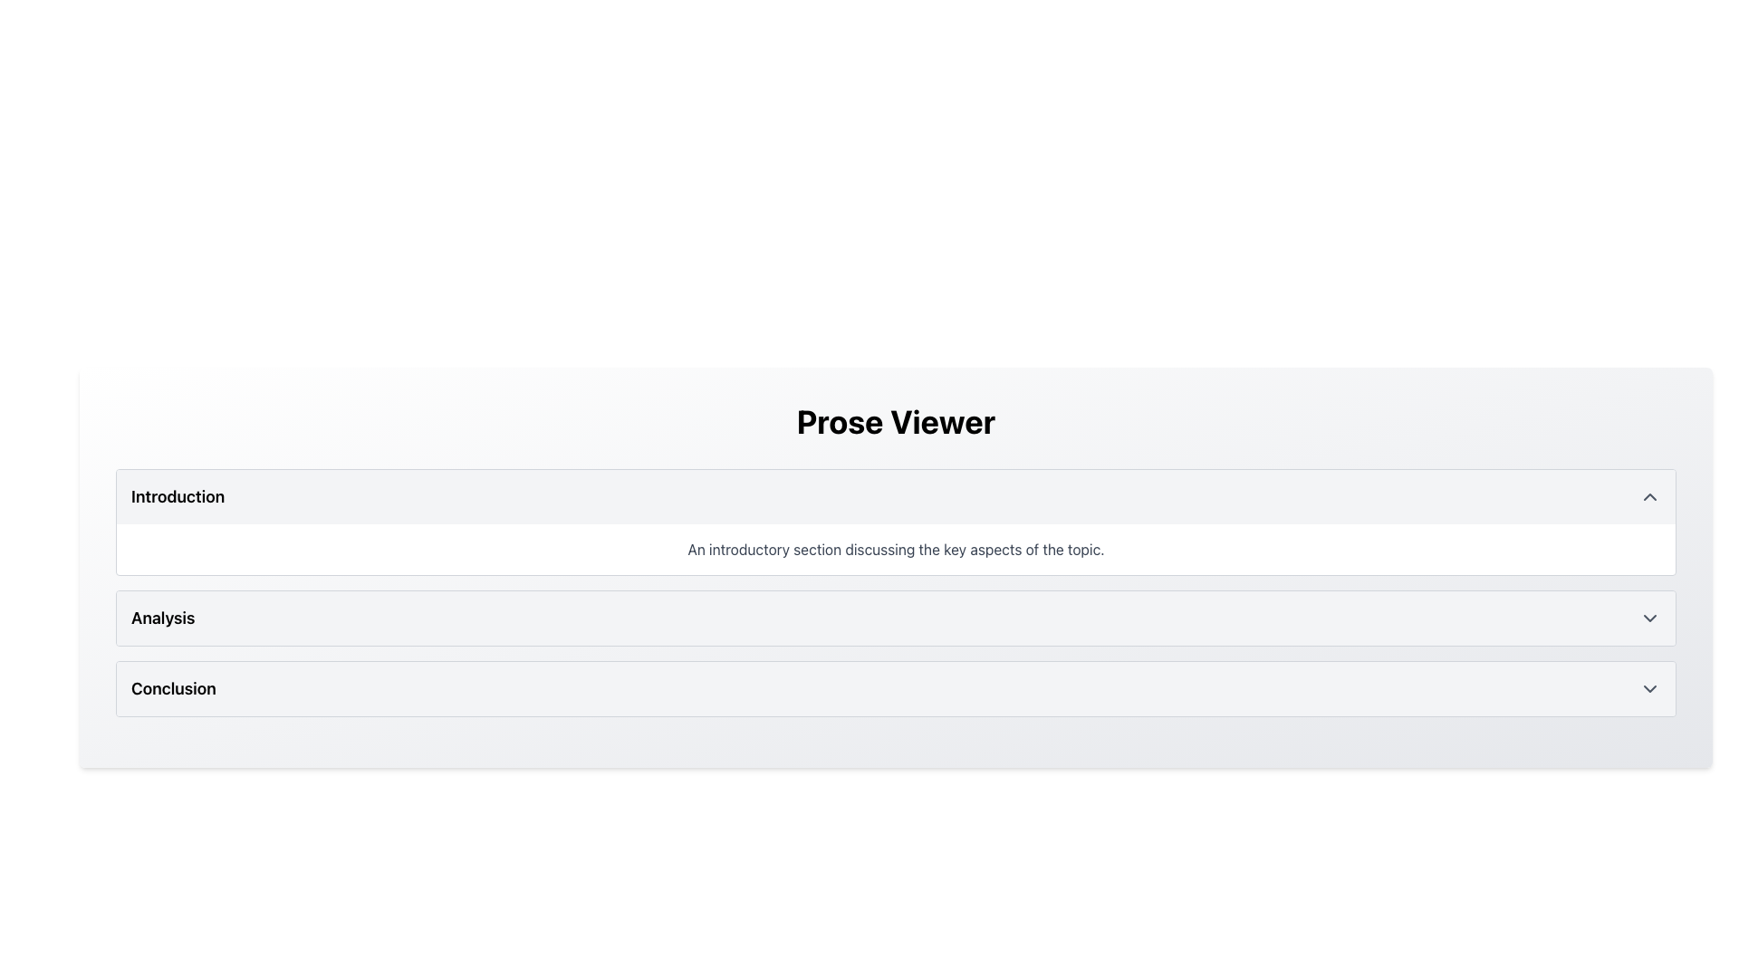  I want to click on the chevron icon that indicates the expand or collapse state of the 'Conclusion' section, so click(1650, 688).